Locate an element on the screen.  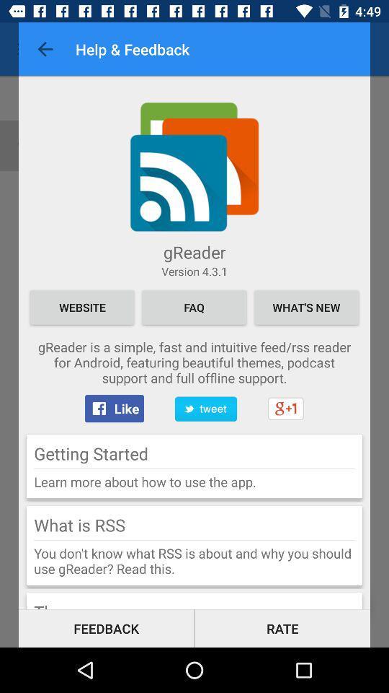
the item to the right of the website icon is located at coordinates (194, 307).